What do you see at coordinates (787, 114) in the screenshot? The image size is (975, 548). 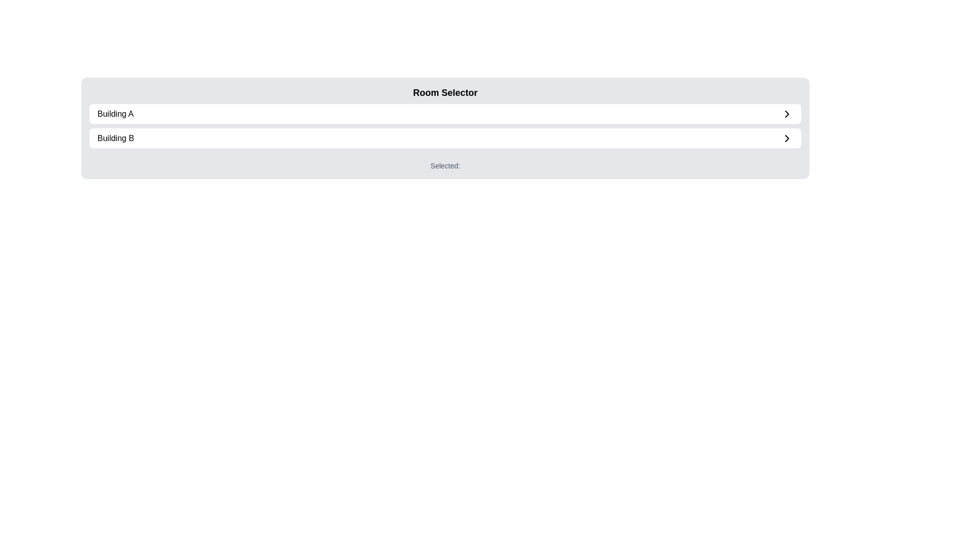 I see `the right-facing chevron icon located at the far right end of the 'Building A' row` at bounding box center [787, 114].